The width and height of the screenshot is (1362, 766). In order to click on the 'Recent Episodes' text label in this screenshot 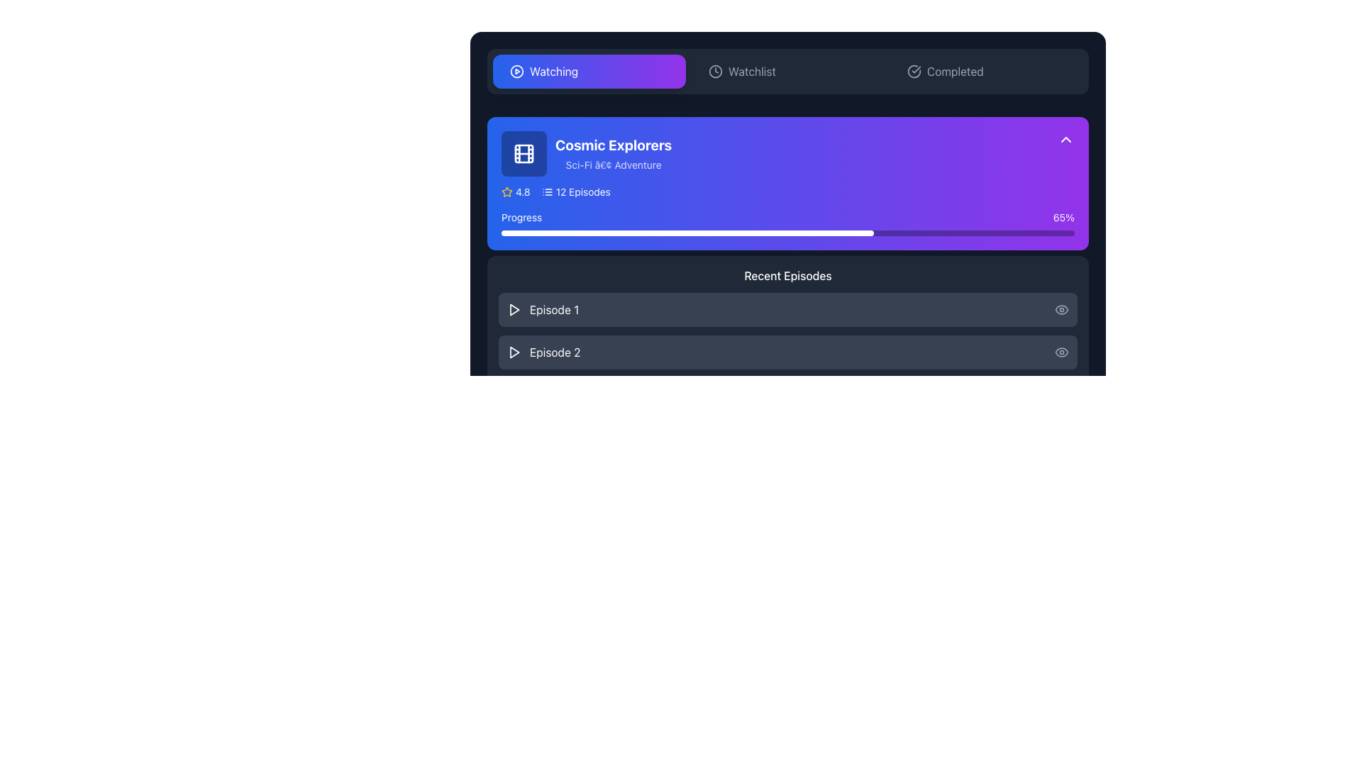, I will do `click(787, 276)`.